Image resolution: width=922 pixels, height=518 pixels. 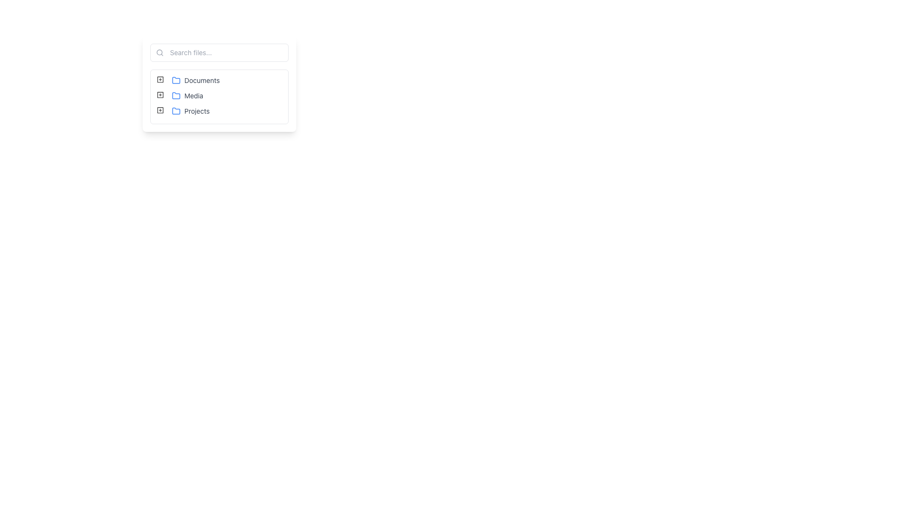 What do you see at coordinates (176, 110) in the screenshot?
I see `the folder icon, which is a simple blue outlined graphic with a rectangular base and a tab on the upper left, located` at bounding box center [176, 110].